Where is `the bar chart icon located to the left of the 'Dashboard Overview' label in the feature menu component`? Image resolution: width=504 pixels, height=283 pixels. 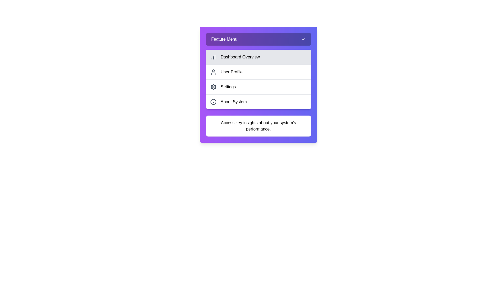
the bar chart icon located to the left of the 'Dashboard Overview' label in the feature menu component is located at coordinates (213, 57).